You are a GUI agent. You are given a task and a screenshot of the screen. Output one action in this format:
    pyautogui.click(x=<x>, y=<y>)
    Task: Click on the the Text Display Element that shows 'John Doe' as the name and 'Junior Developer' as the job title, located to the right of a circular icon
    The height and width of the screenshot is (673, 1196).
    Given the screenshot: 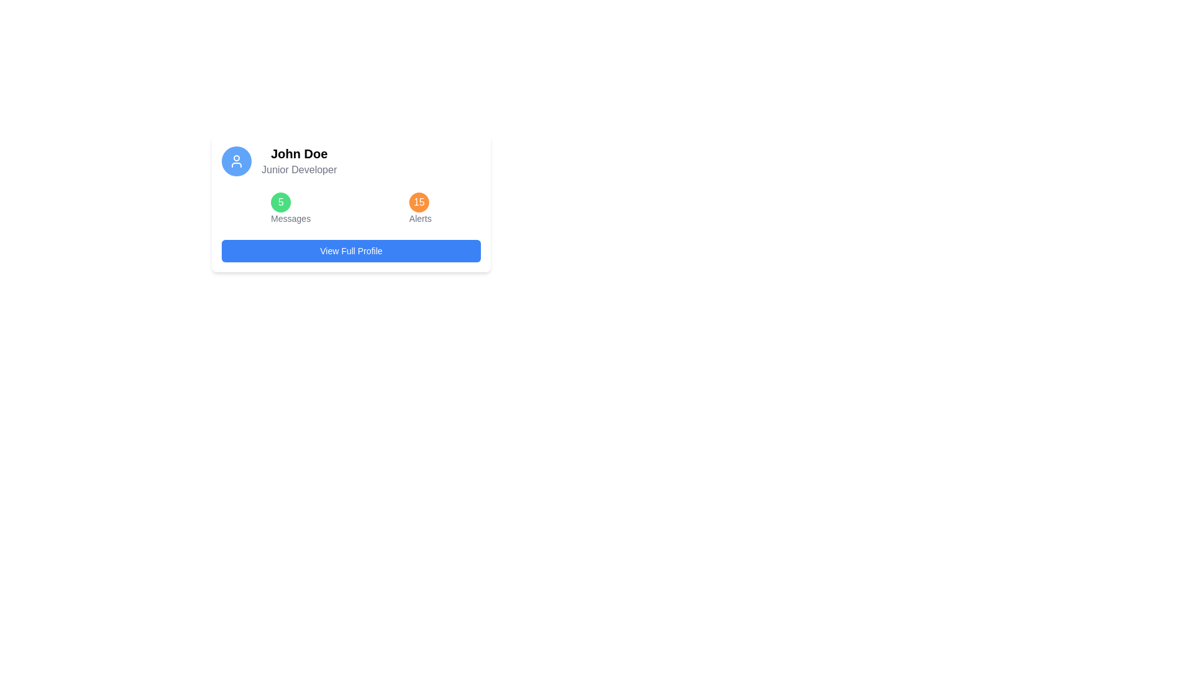 What is the action you would take?
    pyautogui.click(x=299, y=160)
    